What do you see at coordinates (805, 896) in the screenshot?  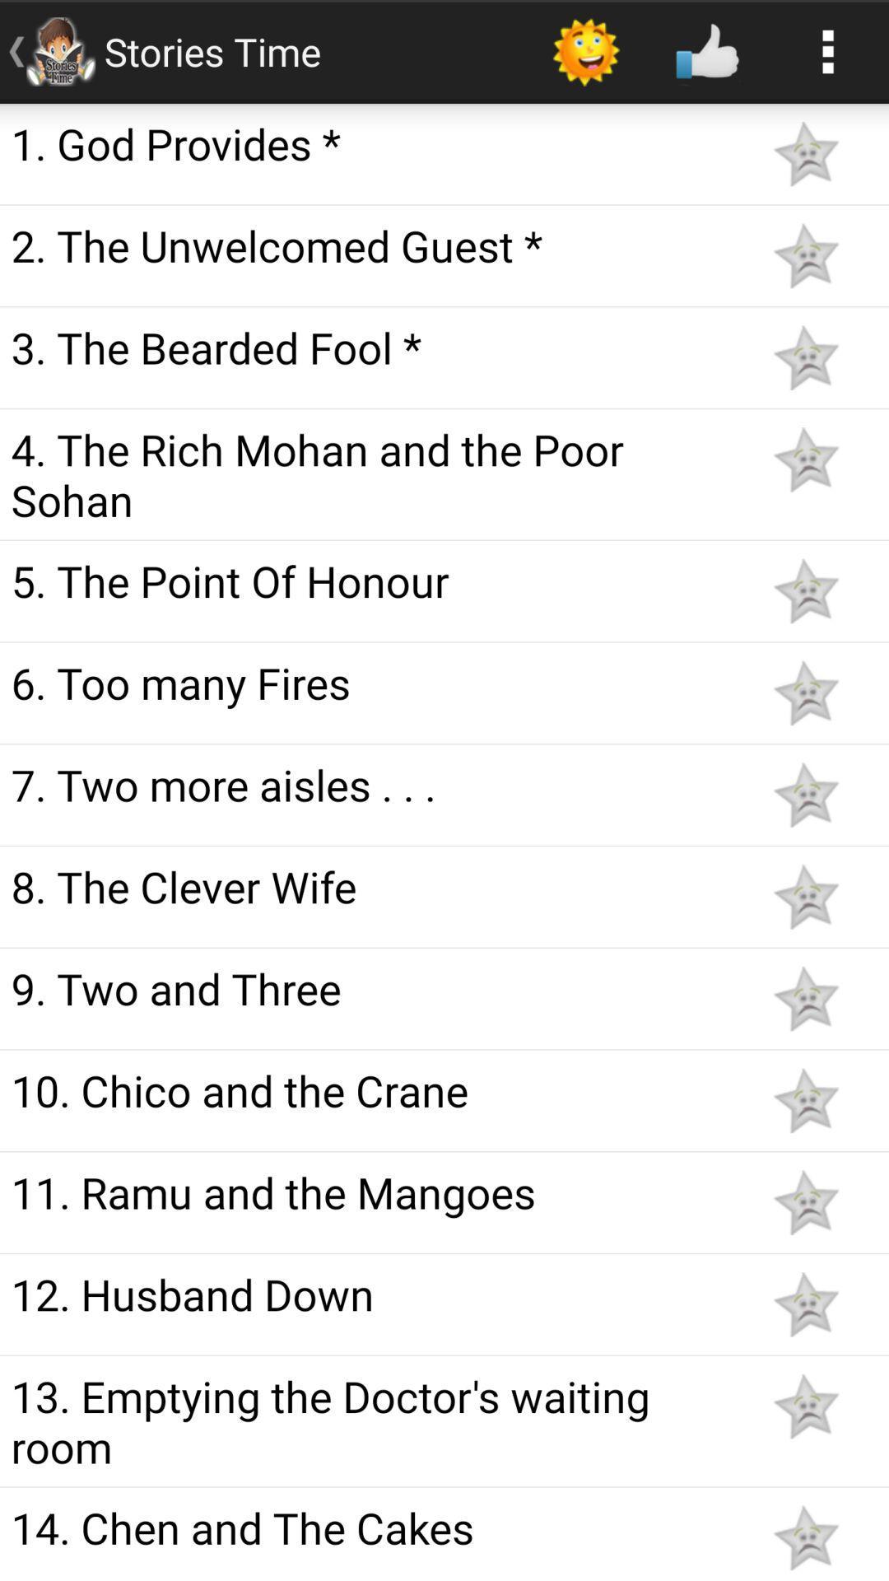 I see `bookmark story` at bounding box center [805, 896].